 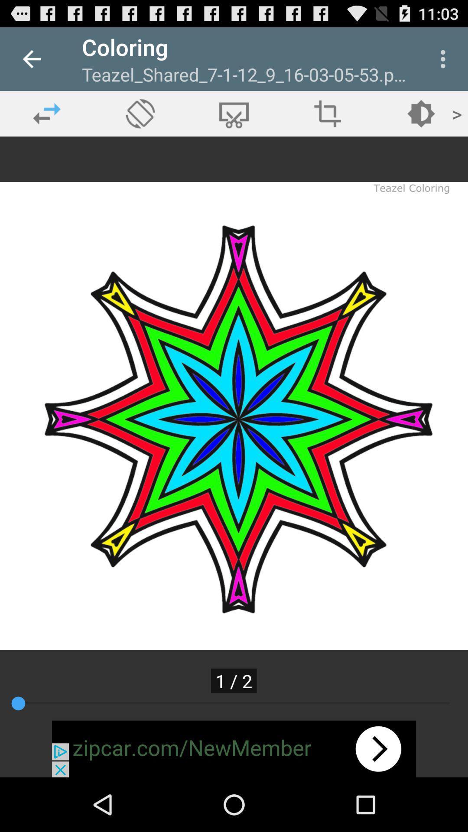 What do you see at coordinates (328, 113) in the screenshot?
I see `invert image option` at bounding box center [328, 113].